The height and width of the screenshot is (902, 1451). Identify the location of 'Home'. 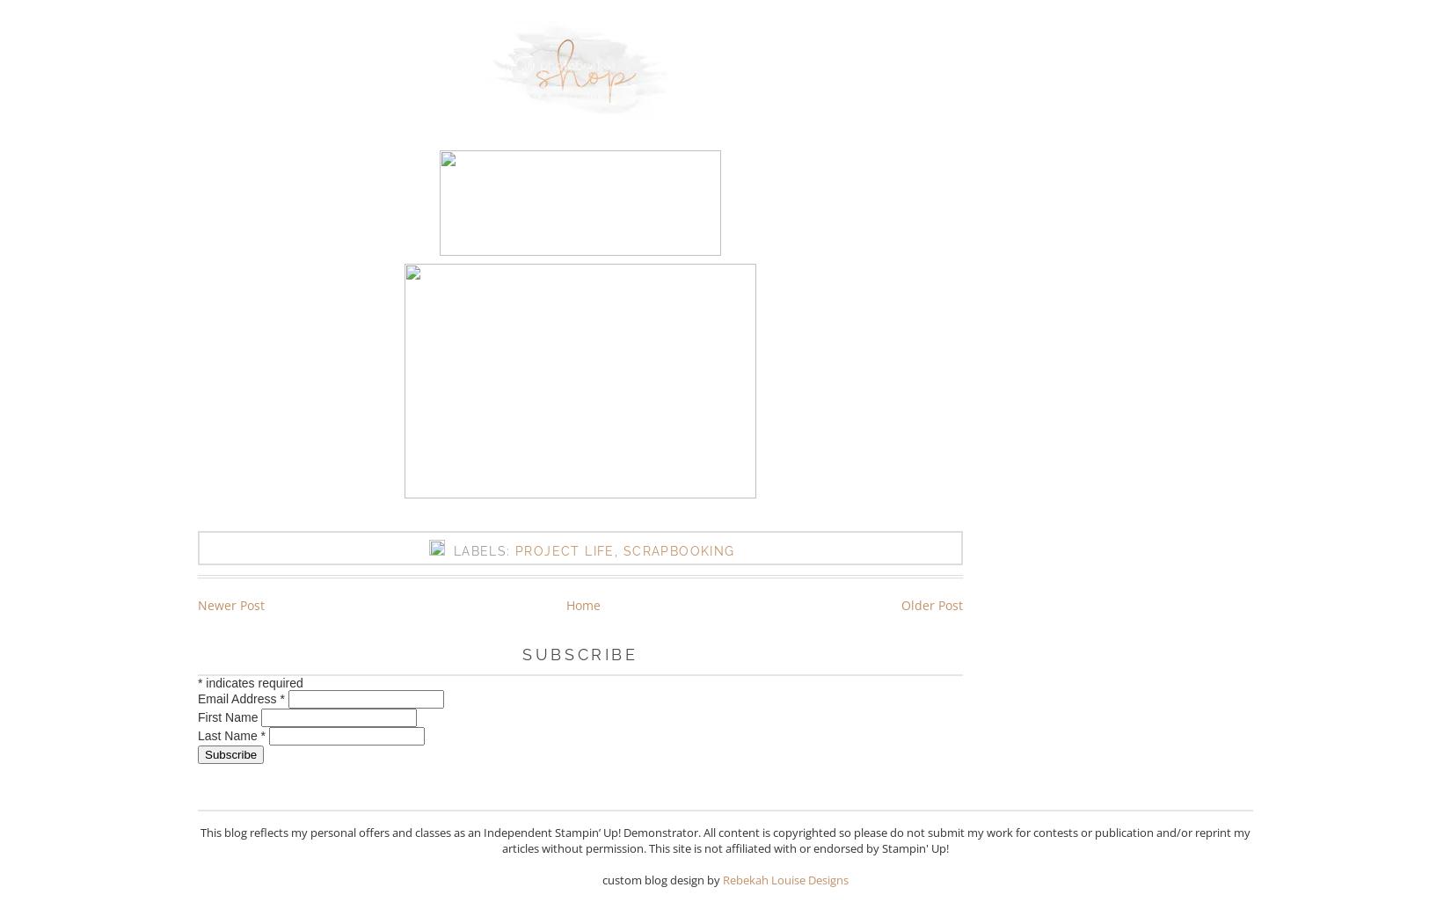
(581, 603).